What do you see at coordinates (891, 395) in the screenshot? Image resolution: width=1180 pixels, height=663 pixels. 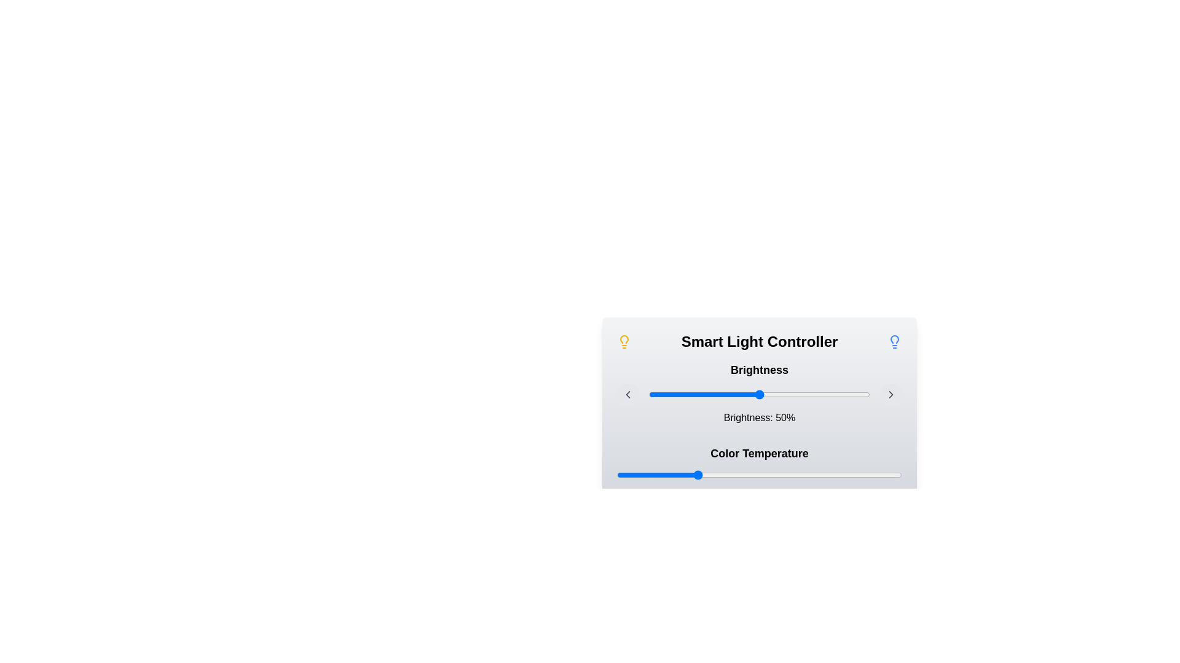 I see `the circular button with a gray background and a right-facing arrow icon` at bounding box center [891, 395].